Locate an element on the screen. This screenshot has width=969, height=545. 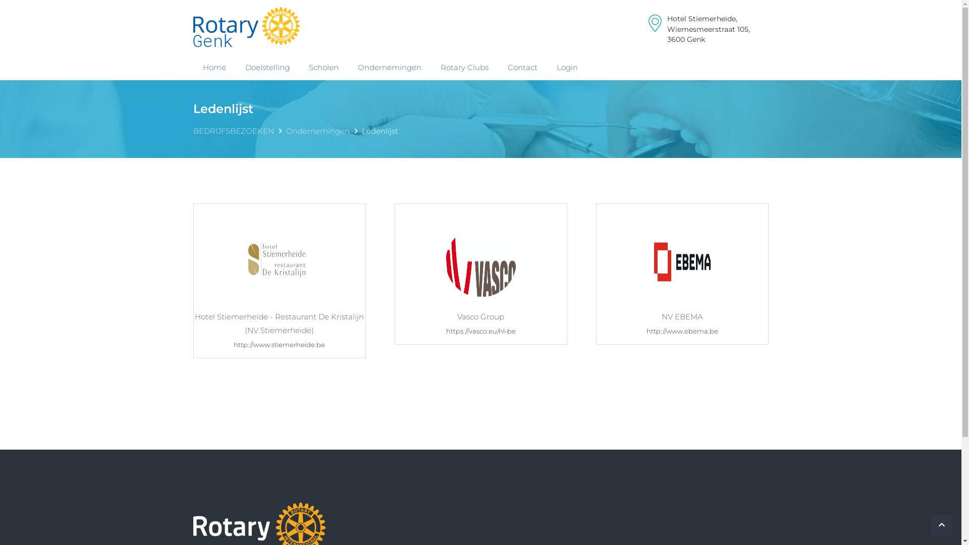
'NV EBEMA' is located at coordinates (681, 260).